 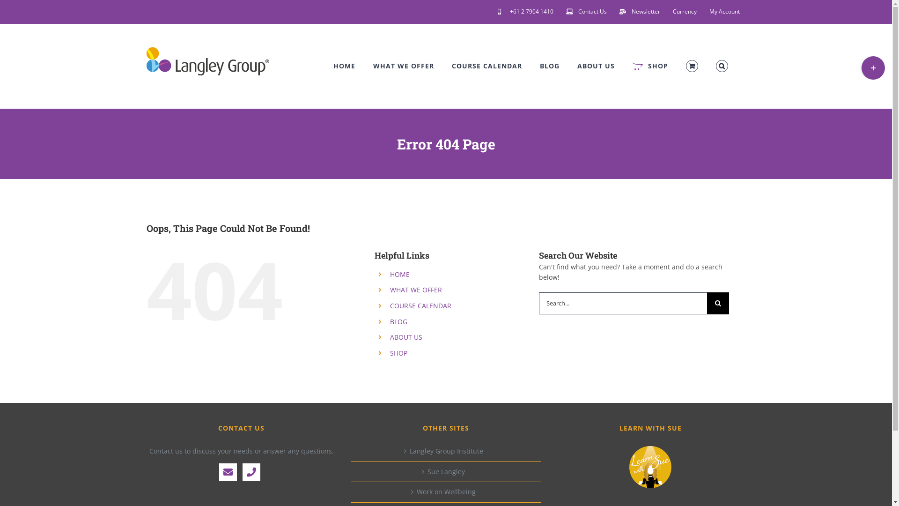 I want to click on 'Langley Group Institute', so click(x=446, y=451).